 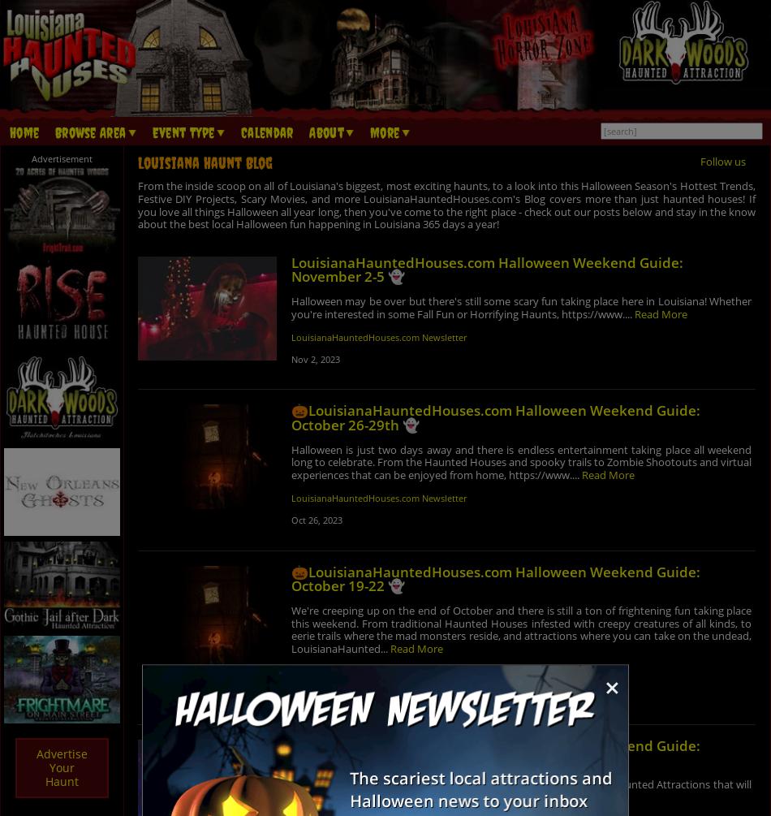 What do you see at coordinates (61, 753) in the screenshot?
I see `'Advertise'` at bounding box center [61, 753].